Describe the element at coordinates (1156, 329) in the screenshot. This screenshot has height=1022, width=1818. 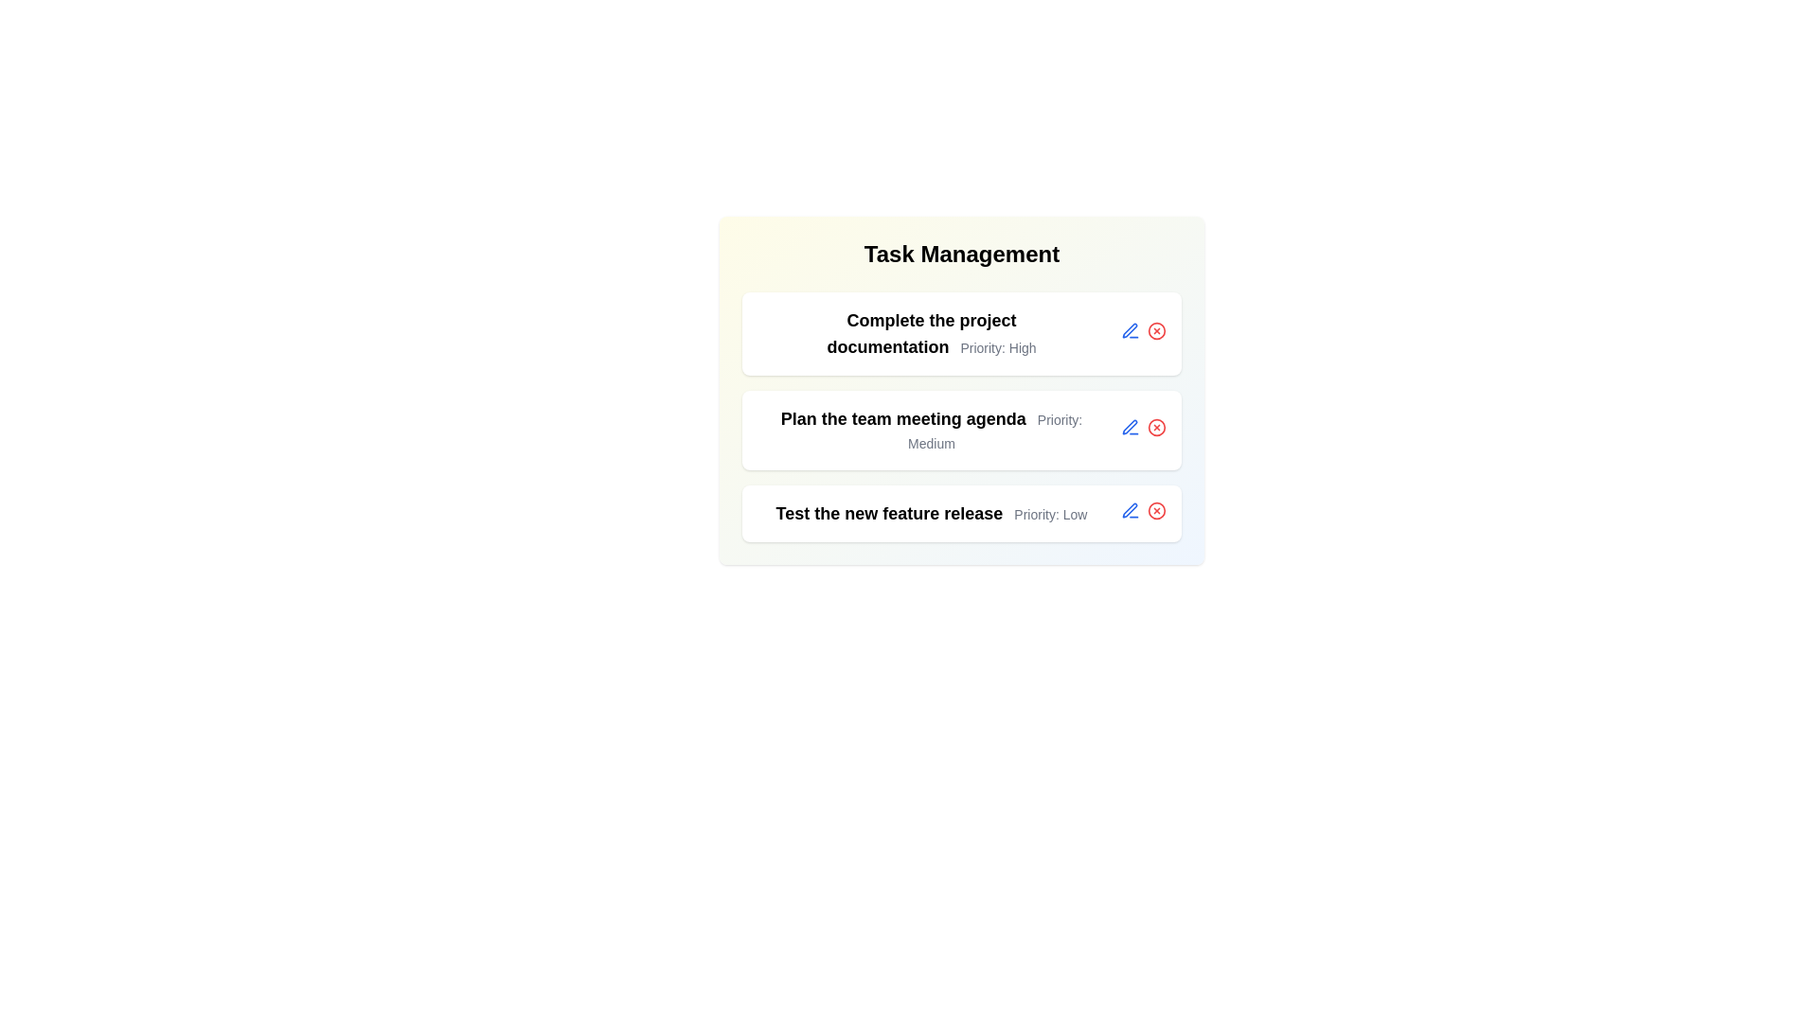
I see `delete button for the task titled 'Complete the project documentation'` at that location.